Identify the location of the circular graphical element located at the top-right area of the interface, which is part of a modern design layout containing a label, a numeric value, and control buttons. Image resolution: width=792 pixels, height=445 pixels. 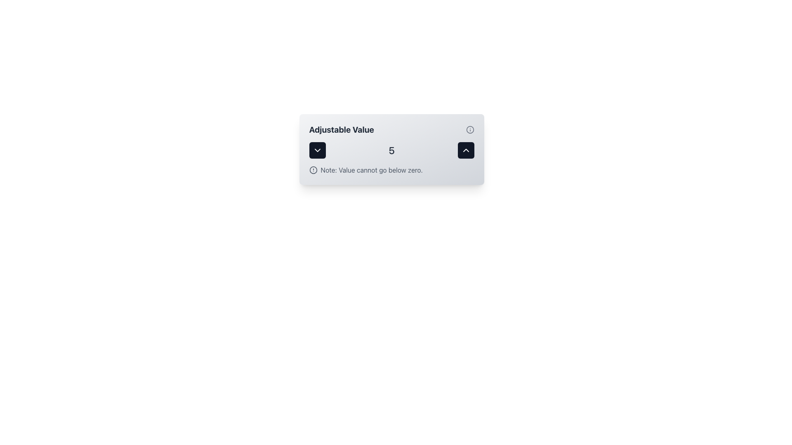
(470, 130).